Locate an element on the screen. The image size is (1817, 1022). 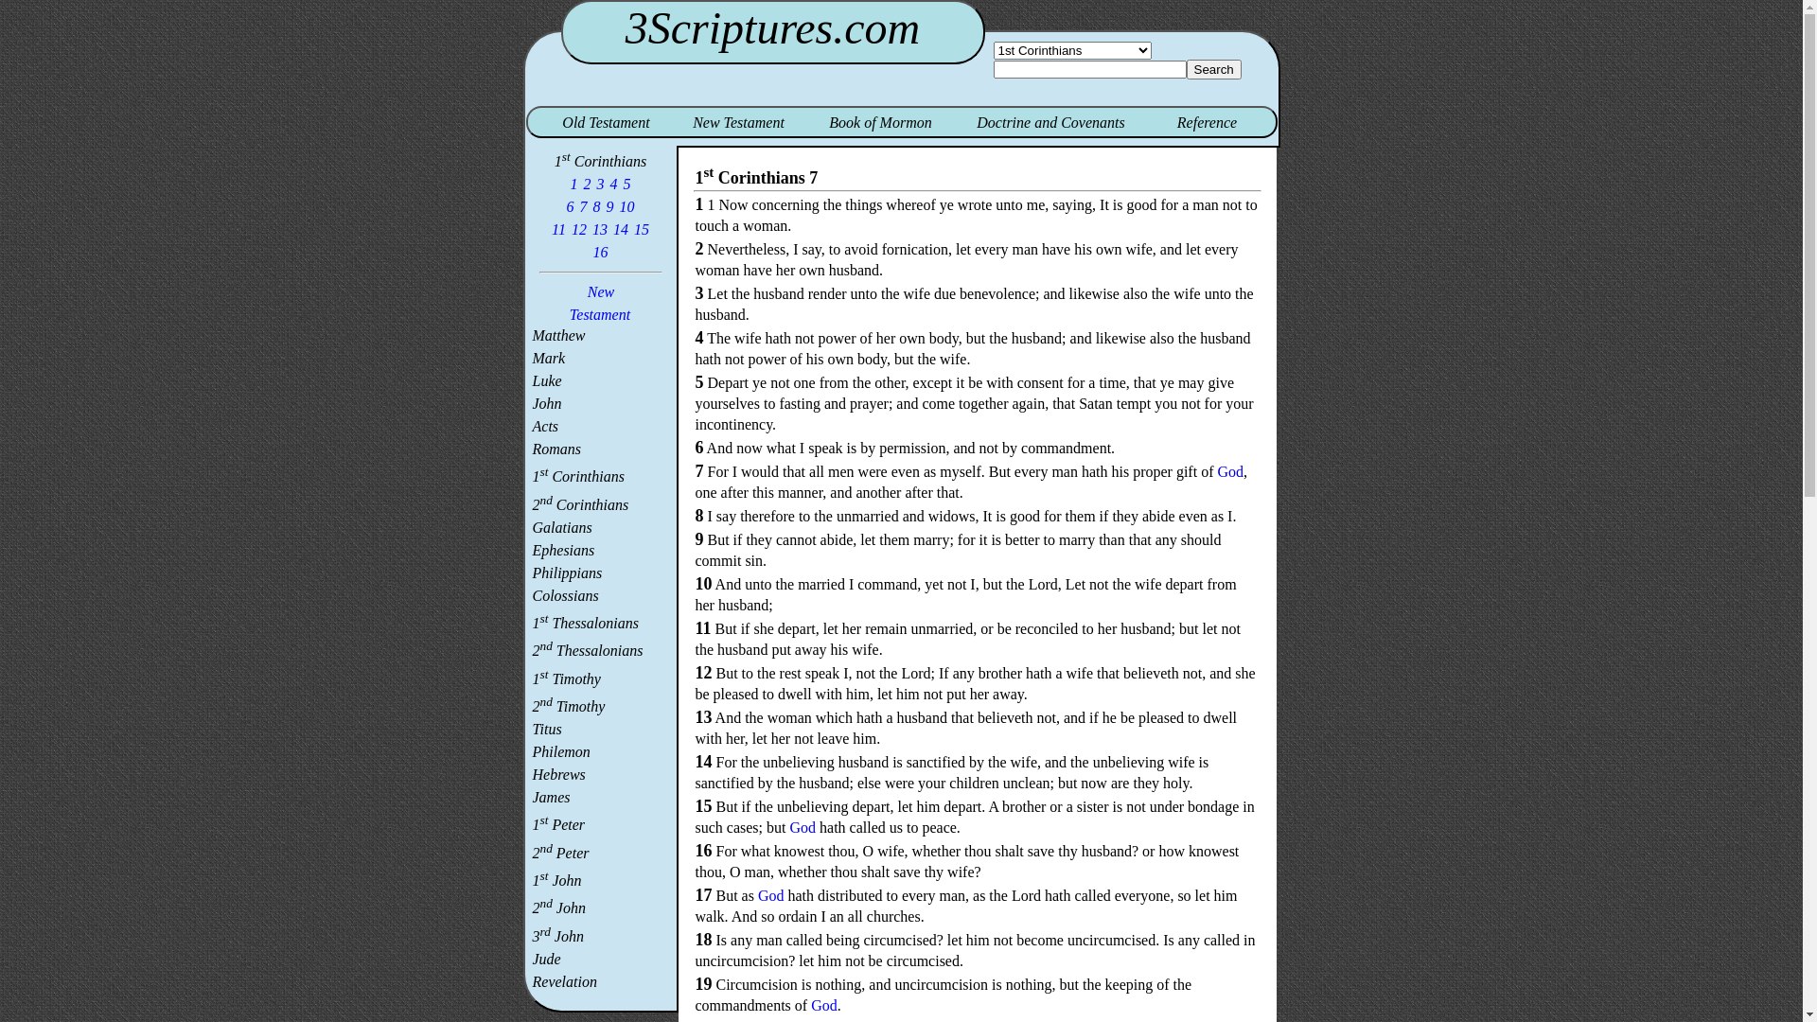
'11' is located at coordinates (549, 228).